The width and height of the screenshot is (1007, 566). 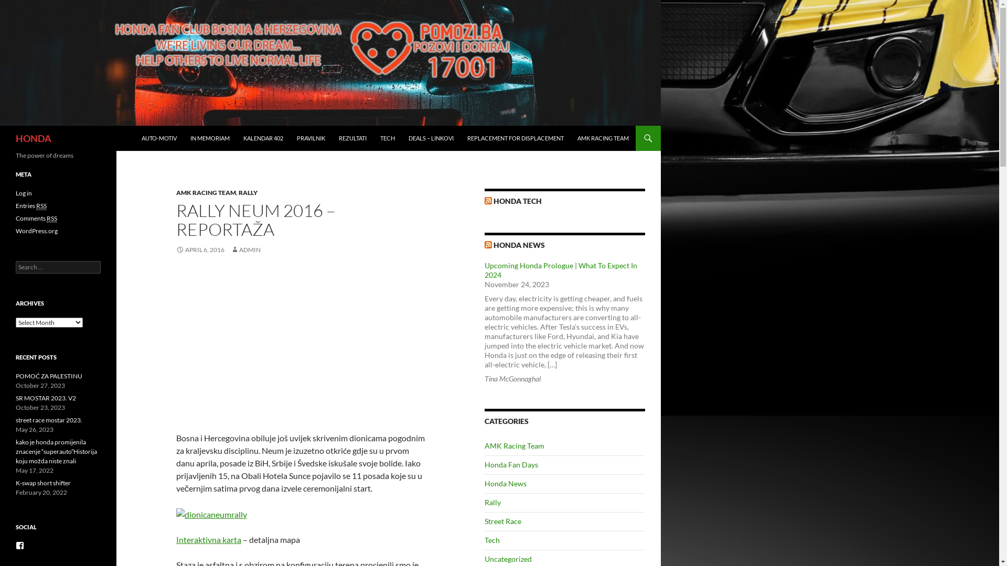 What do you see at coordinates (310, 137) in the screenshot?
I see `'PRAVILNIK'` at bounding box center [310, 137].